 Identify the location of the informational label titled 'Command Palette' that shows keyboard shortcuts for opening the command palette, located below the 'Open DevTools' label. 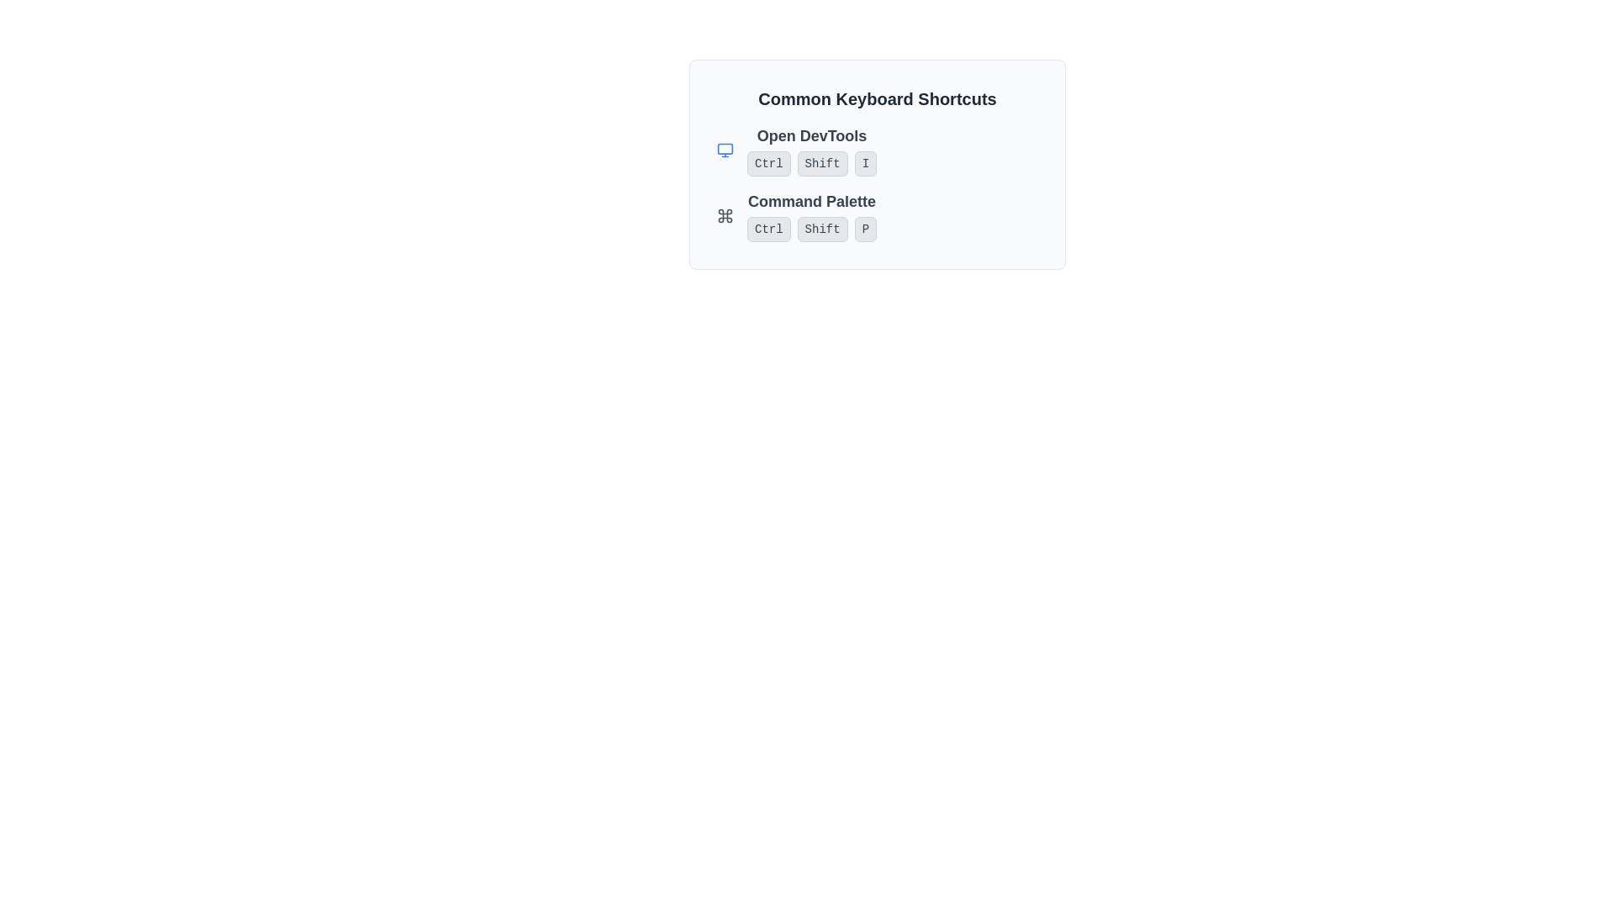
(811, 215).